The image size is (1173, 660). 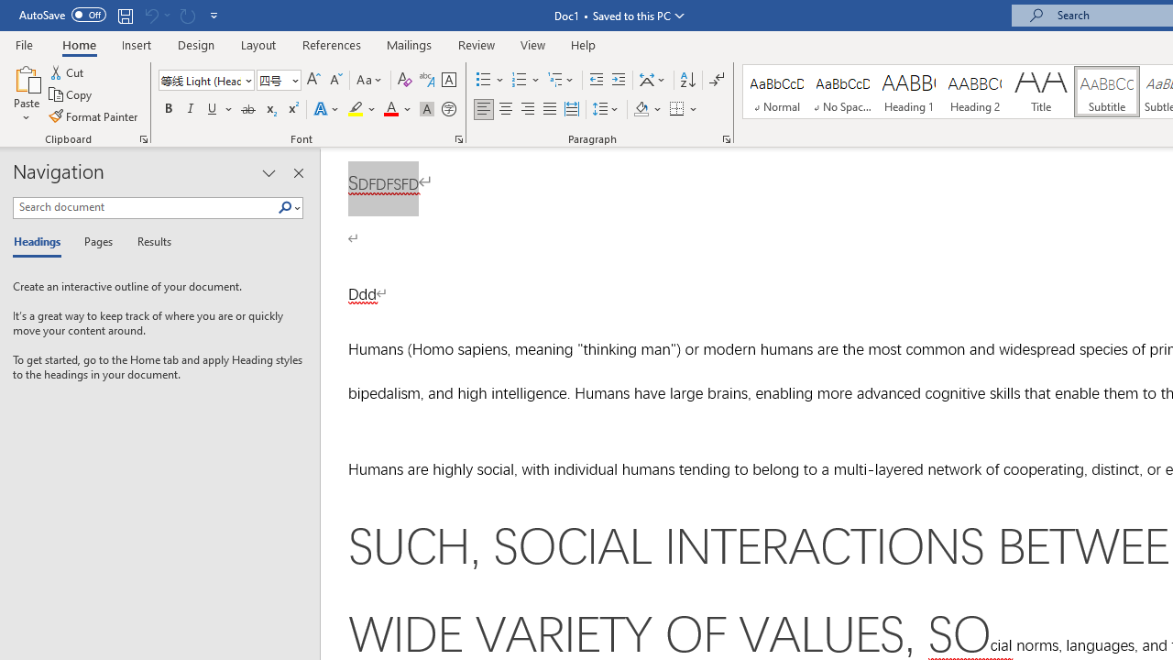 I want to click on 'Multilevel List', so click(x=561, y=79).